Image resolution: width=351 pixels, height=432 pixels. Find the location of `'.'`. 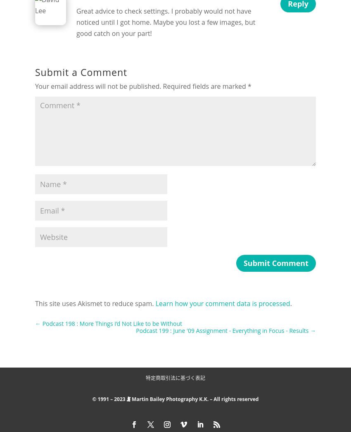

'.' is located at coordinates (290, 303).